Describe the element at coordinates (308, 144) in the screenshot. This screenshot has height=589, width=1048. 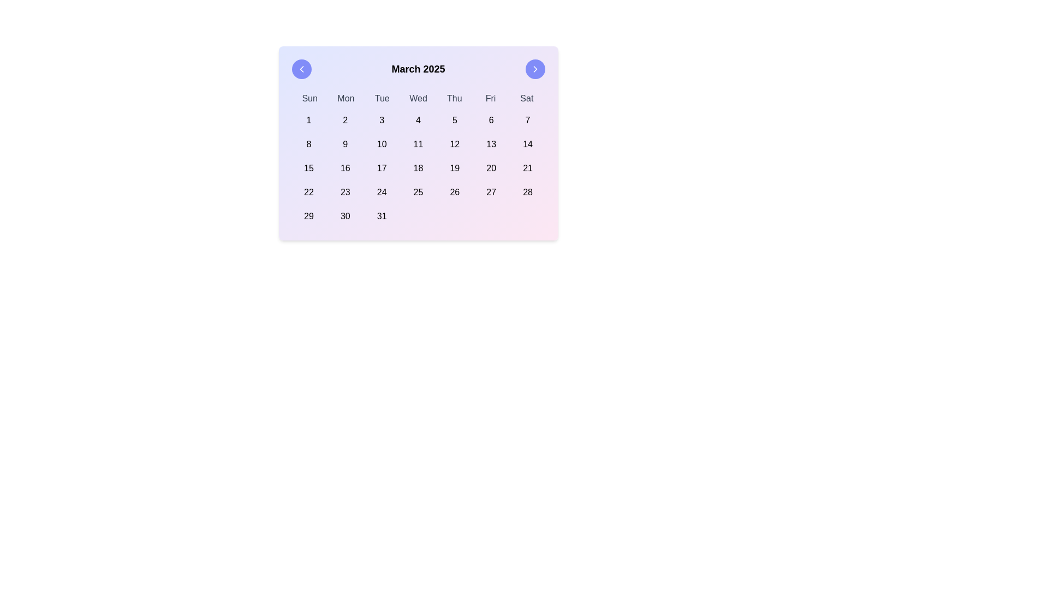
I see `the button displaying the number '8' located` at that location.